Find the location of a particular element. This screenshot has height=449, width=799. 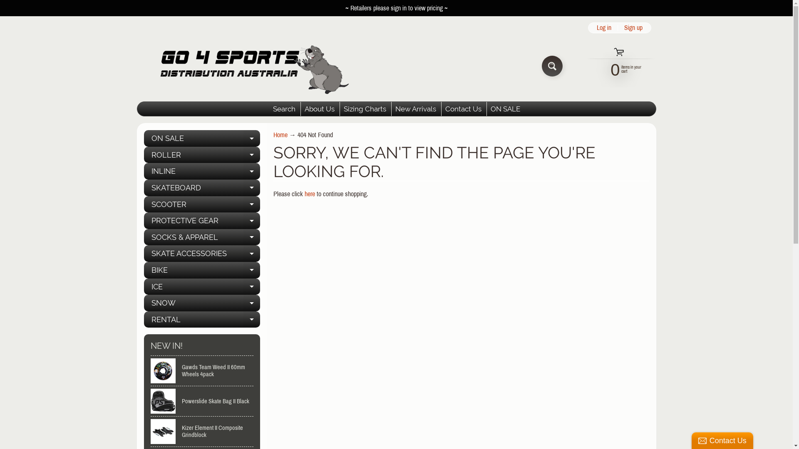

'ROLLER is located at coordinates (202, 155).